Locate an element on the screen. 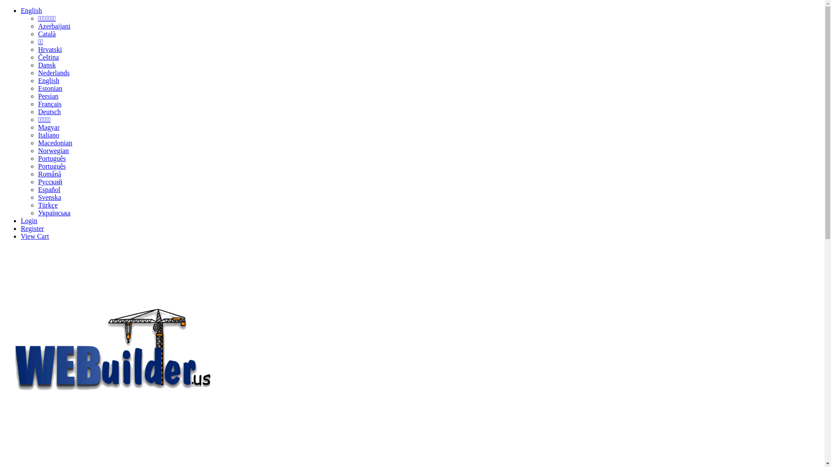 The height and width of the screenshot is (467, 831). 'Estonian' is located at coordinates (49, 88).